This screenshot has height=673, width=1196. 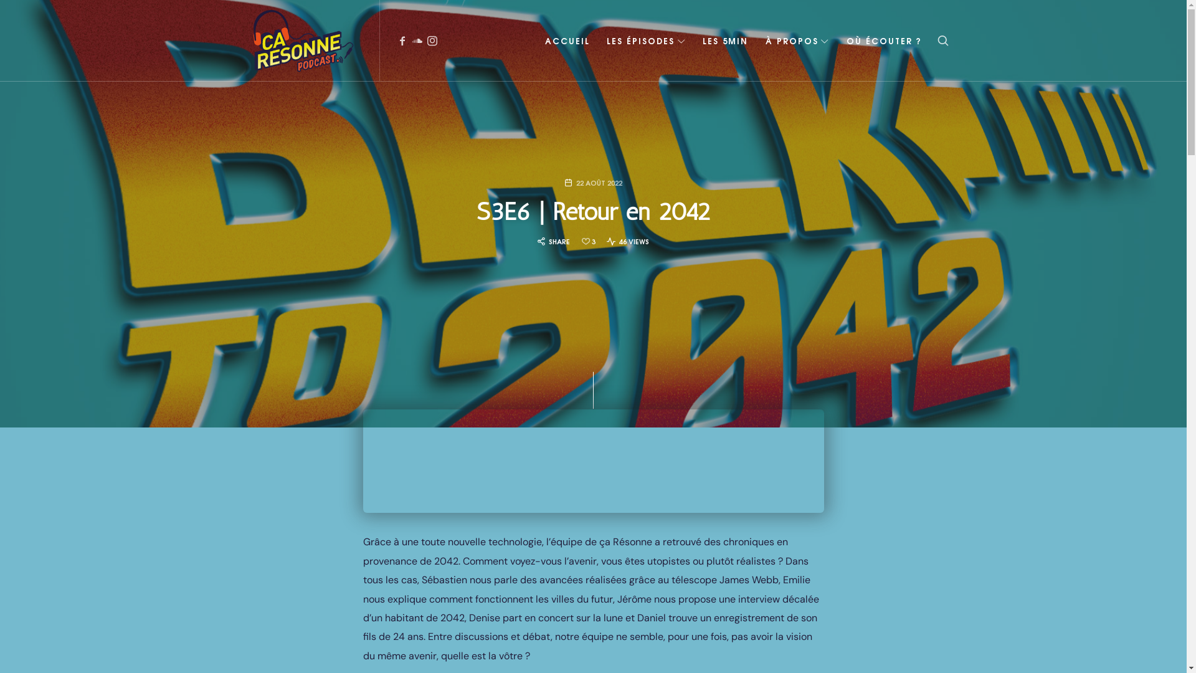 I want to click on '3', so click(x=581, y=241).